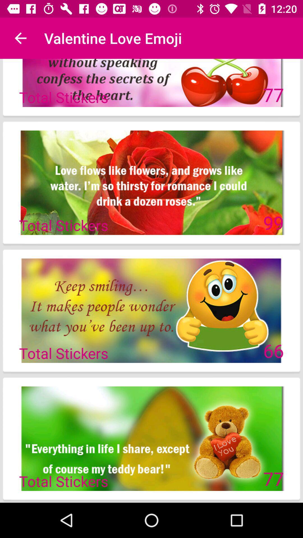 Image resolution: width=303 pixels, height=538 pixels. What do you see at coordinates (20, 38) in the screenshot?
I see `the item to the left of valentine love emoji item` at bounding box center [20, 38].